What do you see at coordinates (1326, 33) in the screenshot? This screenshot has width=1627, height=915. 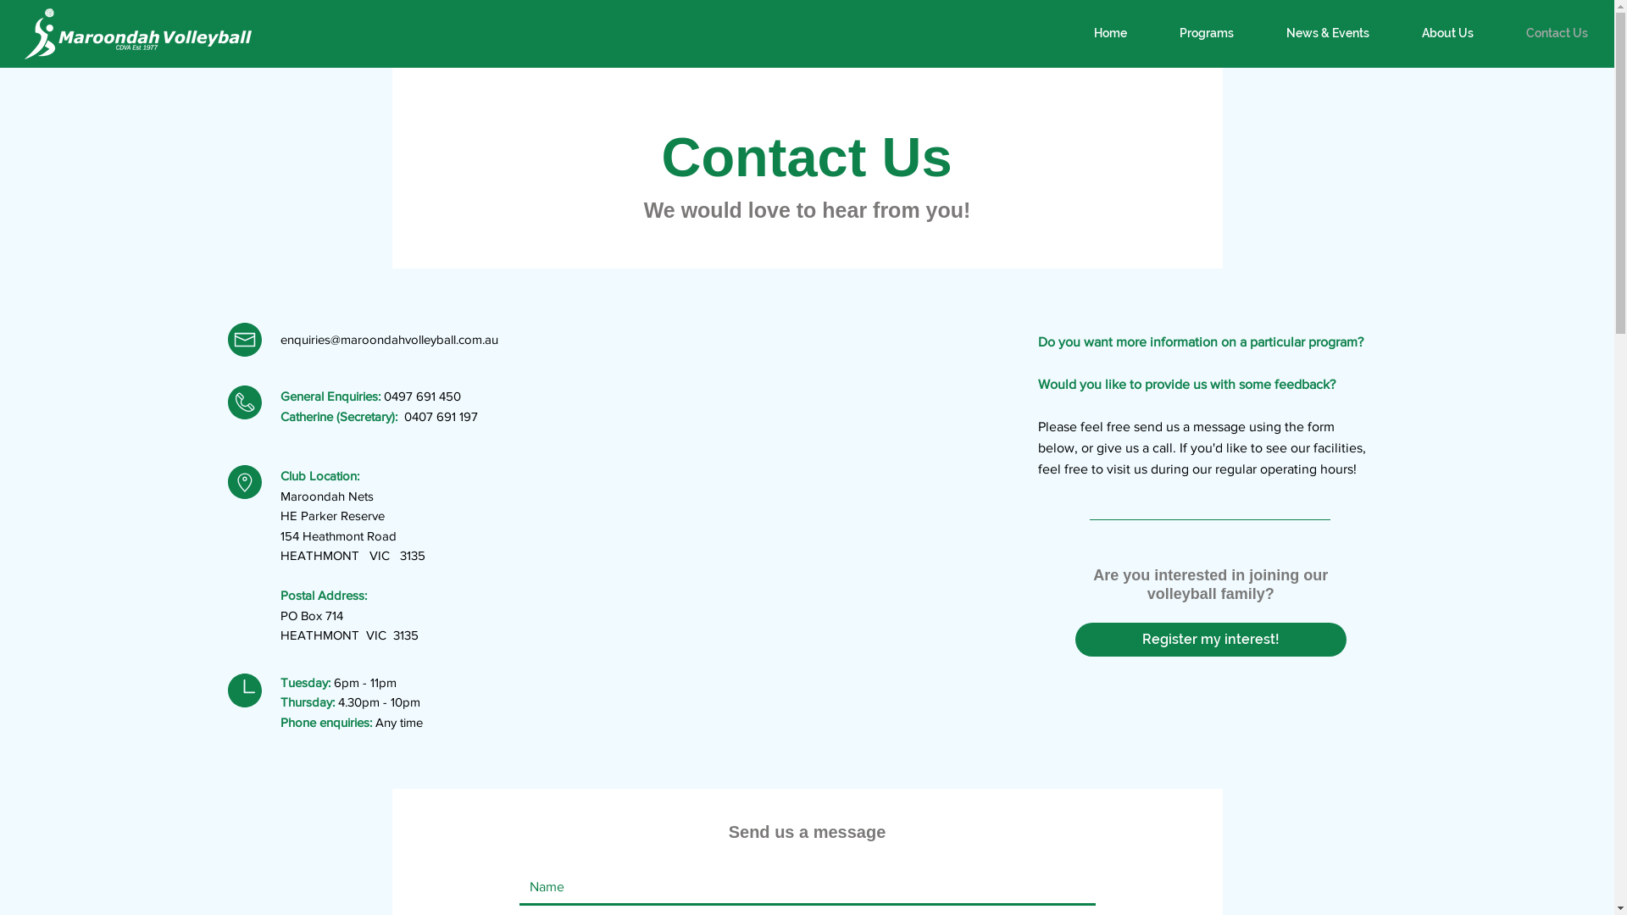 I see `'News & Events'` at bounding box center [1326, 33].